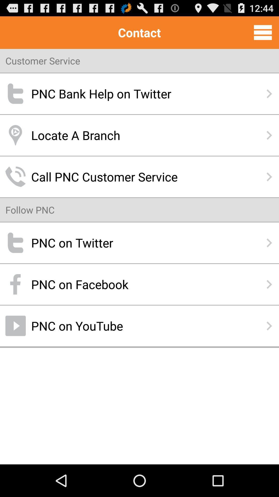 The height and width of the screenshot is (497, 279). What do you see at coordinates (263, 32) in the screenshot?
I see `settings` at bounding box center [263, 32].